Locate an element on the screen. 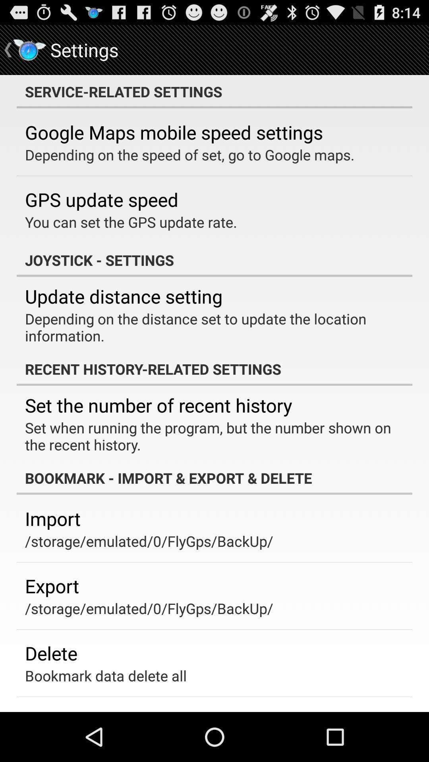 Image resolution: width=429 pixels, height=762 pixels. set when running item is located at coordinates (209, 436).